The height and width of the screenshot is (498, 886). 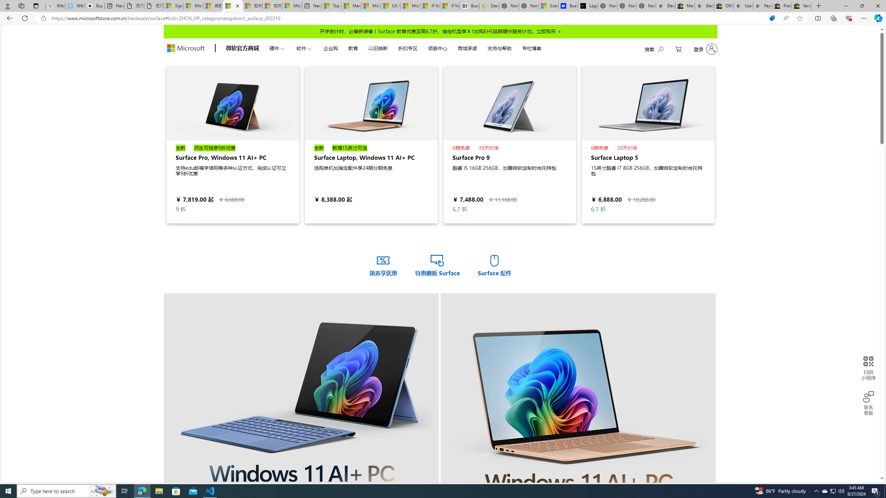 I want to click on 'You have the best price!', so click(x=772, y=18).